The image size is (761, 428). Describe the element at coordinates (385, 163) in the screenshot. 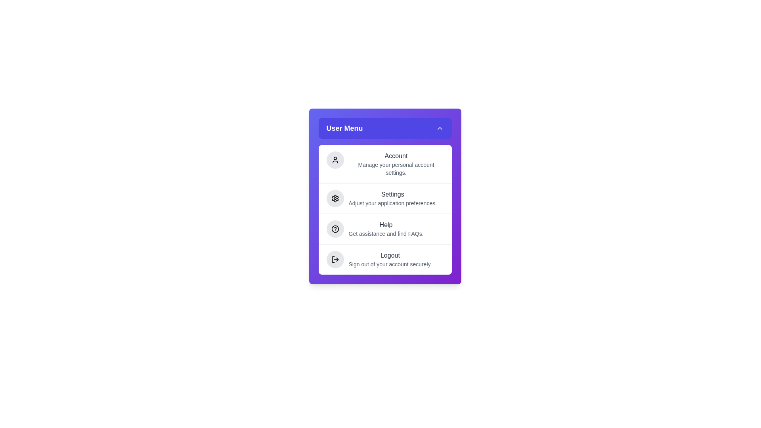

I see `the menu item Account to view its highlight effect` at that location.